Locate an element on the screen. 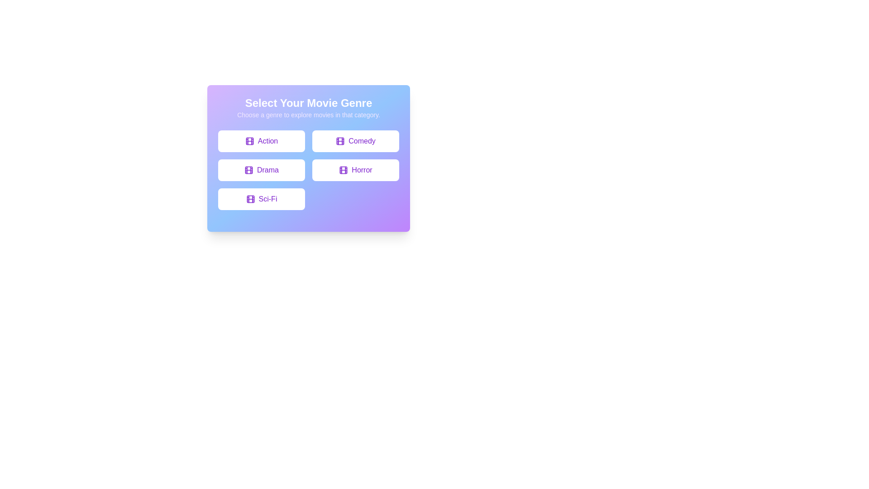 The image size is (869, 489). the button corresponding to the genre Sci-Fi is located at coordinates (261, 198).